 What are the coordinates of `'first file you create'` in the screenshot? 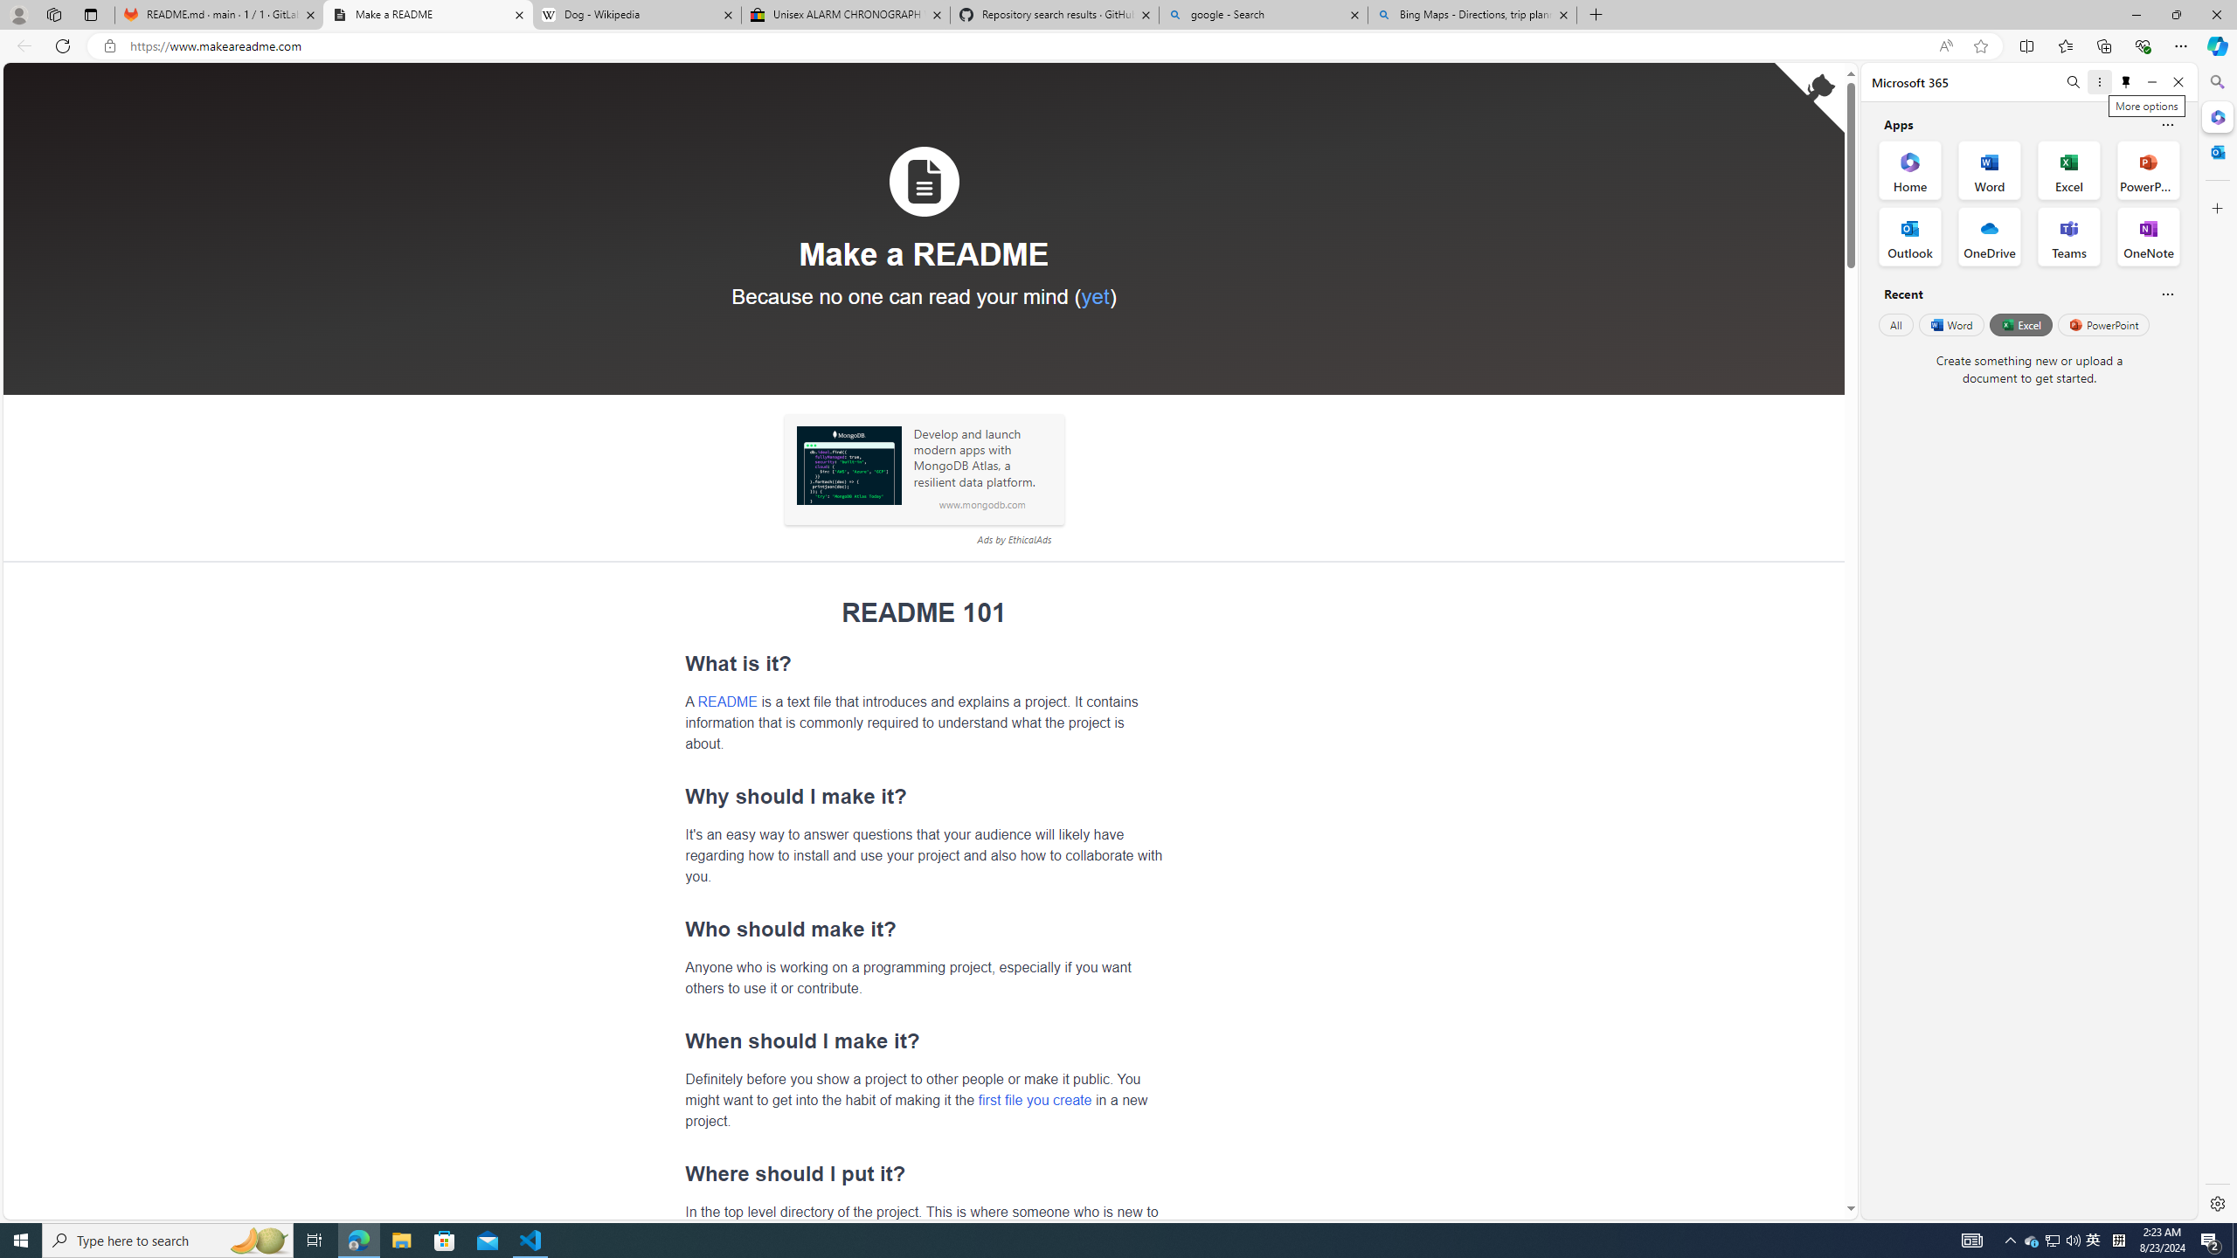 It's located at (1034, 1100).